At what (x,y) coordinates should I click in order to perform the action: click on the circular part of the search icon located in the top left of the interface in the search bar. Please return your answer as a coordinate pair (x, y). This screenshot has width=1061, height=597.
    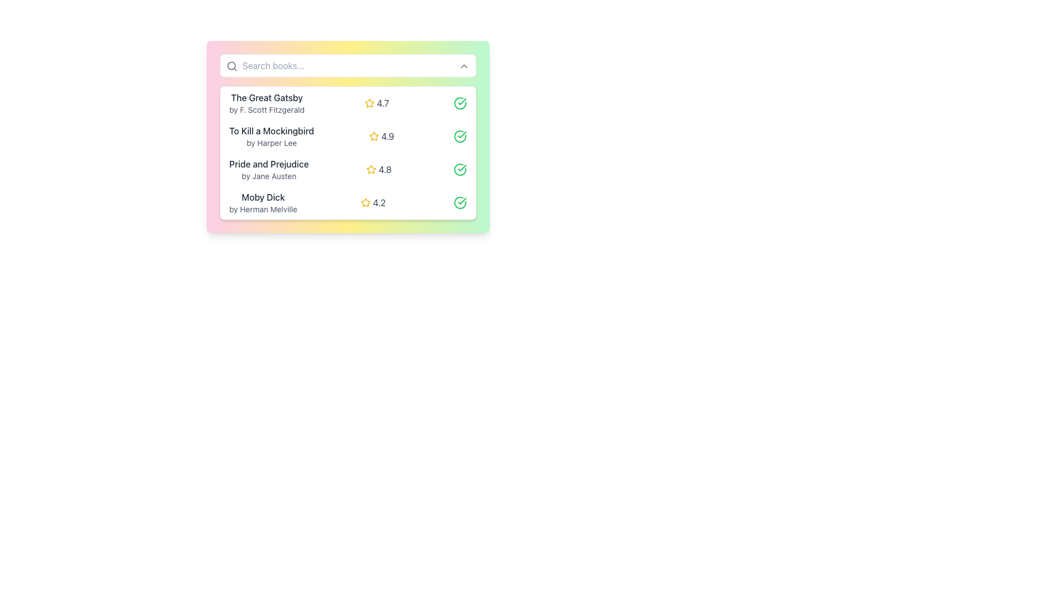
    Looking at the image, I should click on (231, 66).